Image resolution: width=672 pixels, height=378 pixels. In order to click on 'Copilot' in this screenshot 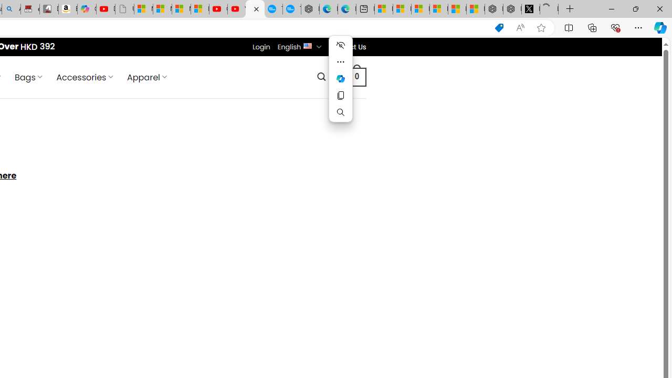, I will do `click(87, 9)`.